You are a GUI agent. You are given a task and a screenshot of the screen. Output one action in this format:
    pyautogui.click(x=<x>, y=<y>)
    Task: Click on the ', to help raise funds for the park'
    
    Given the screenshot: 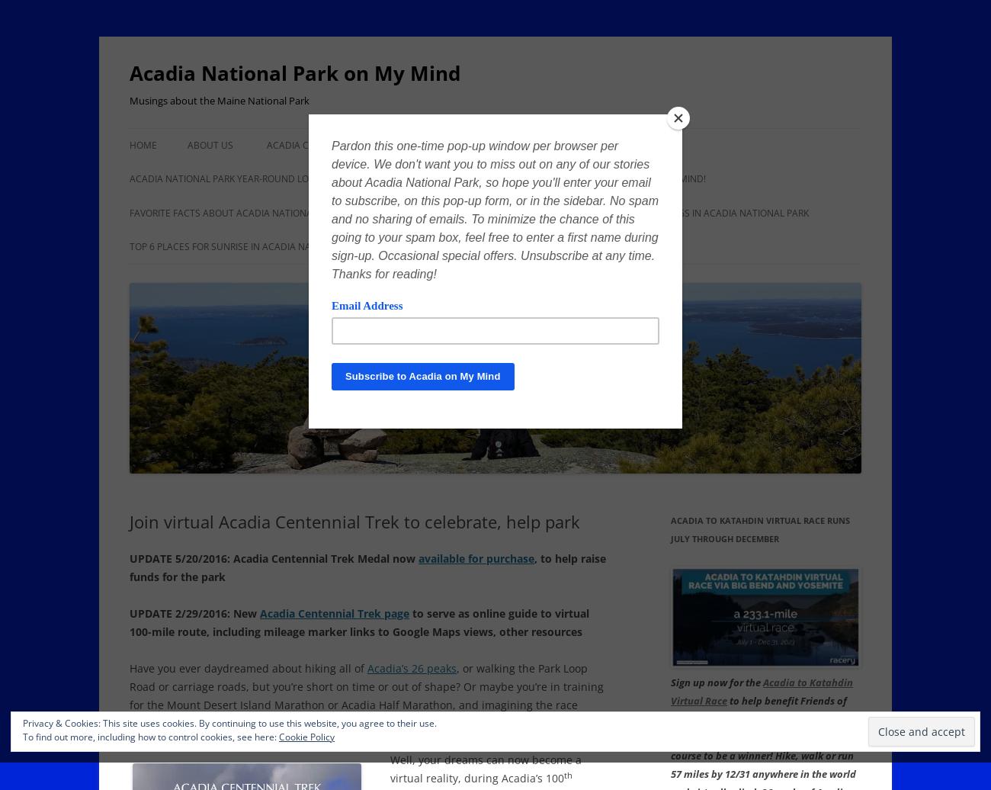 What is the action you would take?
    pyautogui.click(x=130, y=567)
    